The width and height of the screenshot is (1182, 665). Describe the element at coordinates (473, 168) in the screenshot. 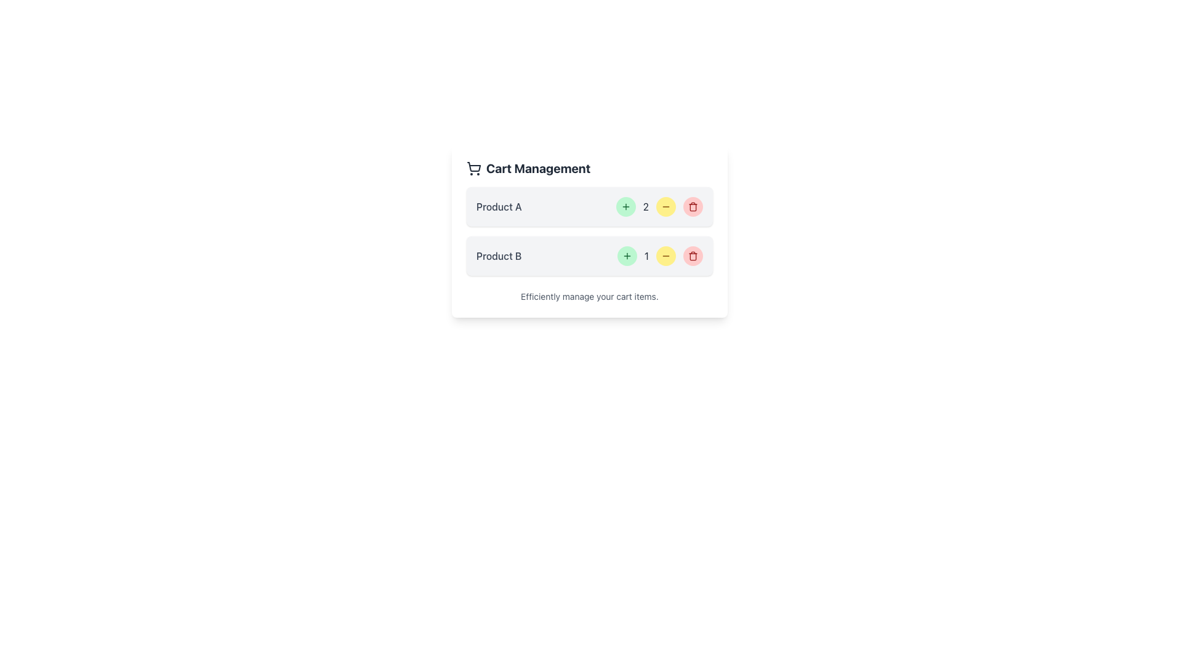

I see `the shopping cart icon located on the left side of the 'Cart Management' title in the upper part of the interface` at that location.